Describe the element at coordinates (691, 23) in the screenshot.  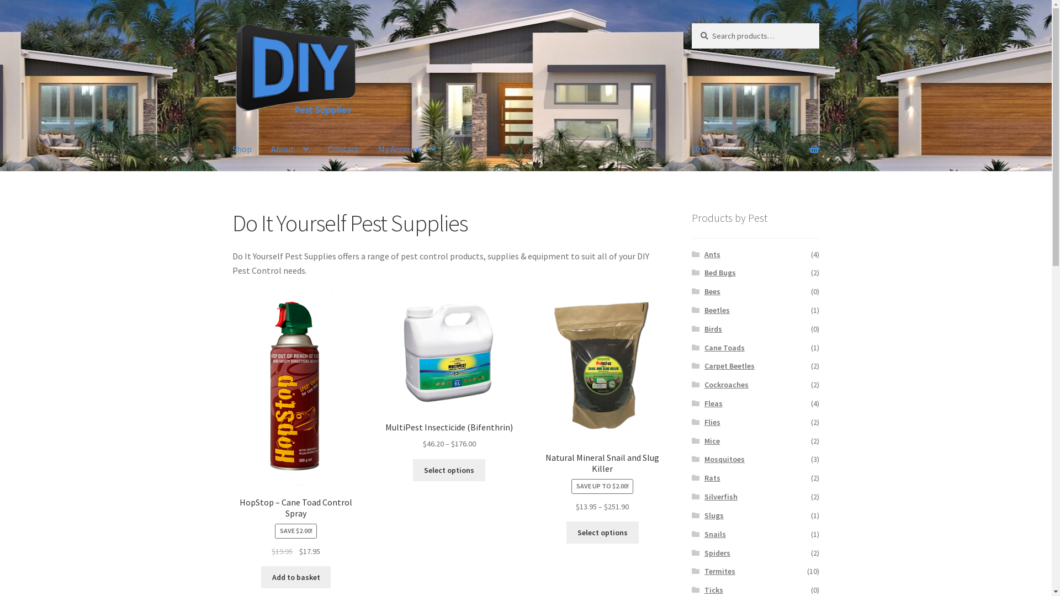
I see `'Search'` at that location.